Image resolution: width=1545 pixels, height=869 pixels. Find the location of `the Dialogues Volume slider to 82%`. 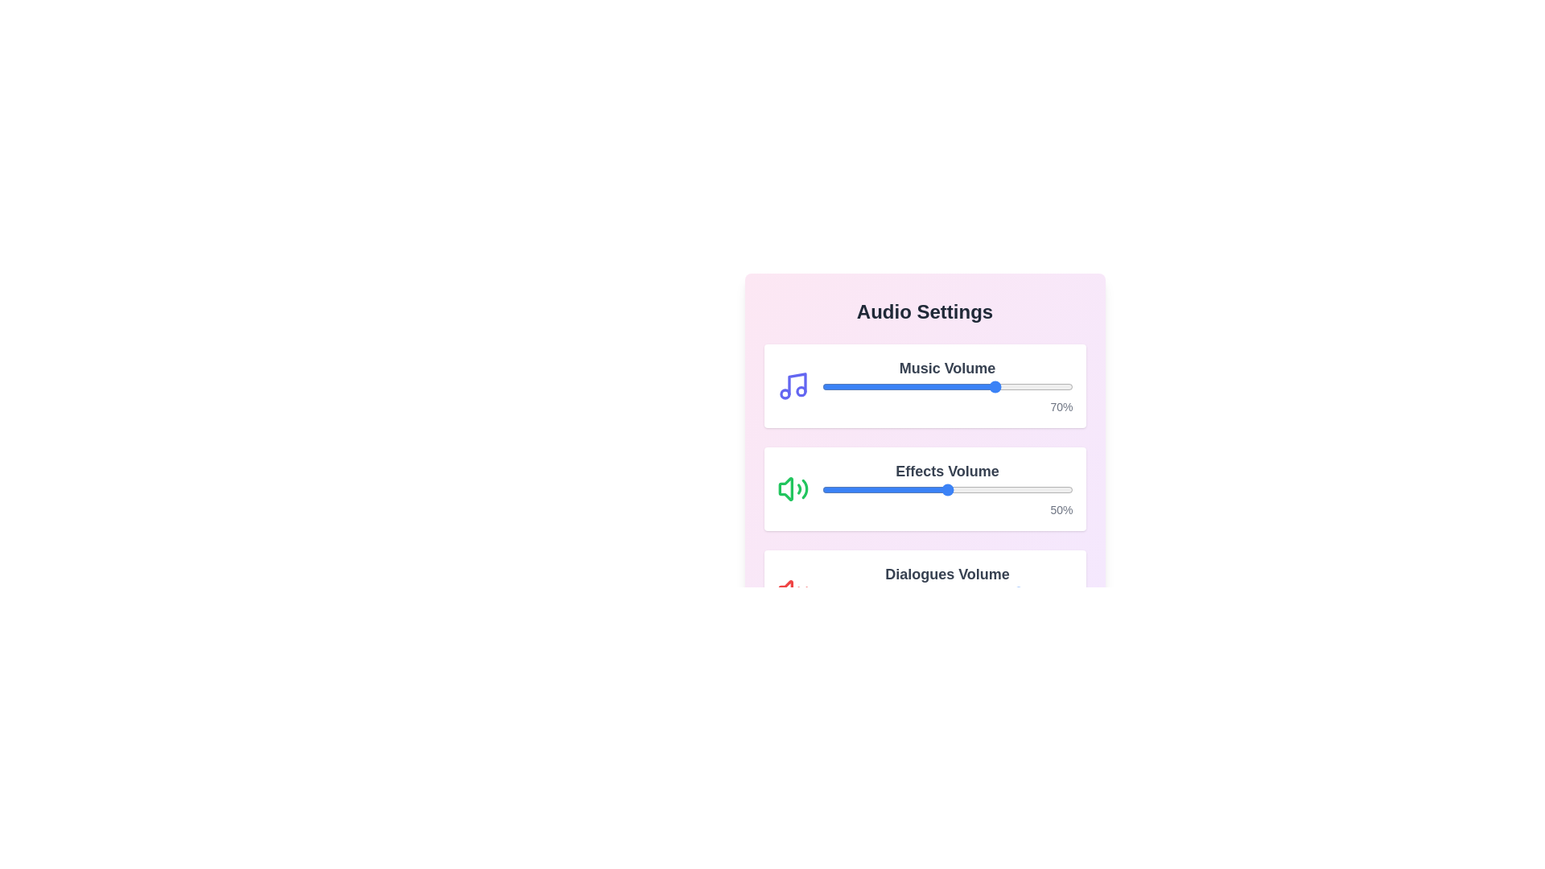

the Dialogues Volume slider to 82% is located at coordinates (1027, 592).